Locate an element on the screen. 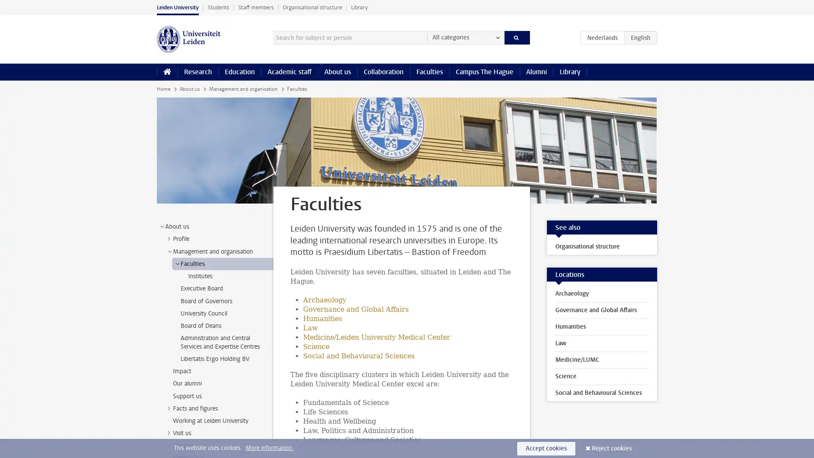 Image resolution: width=814 pixels, height=458 pixels. Search is located at coordinates (516, 37).